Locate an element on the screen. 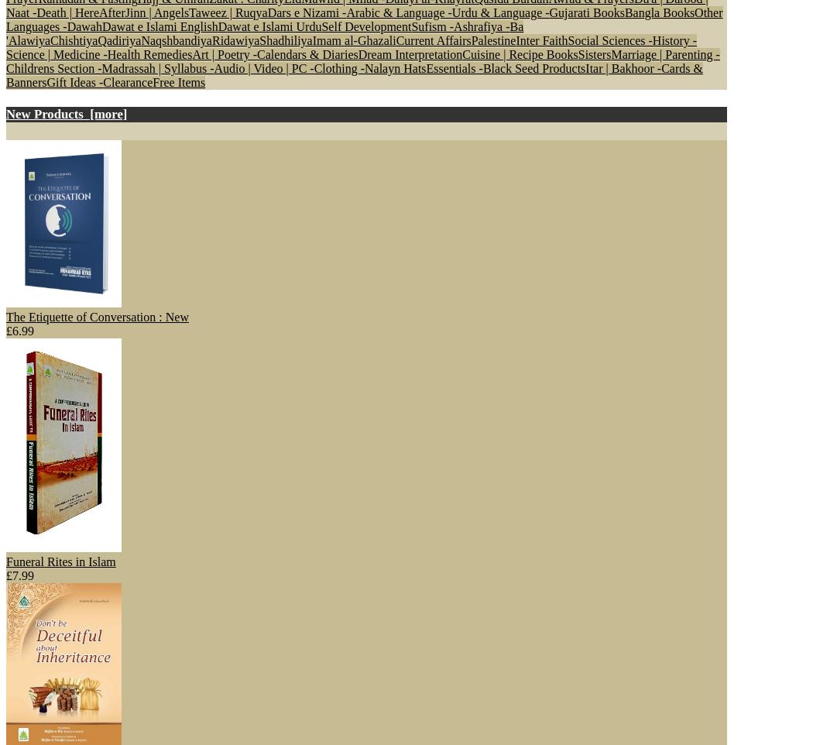 Image resolution: width=813 pixels, height=745 pixels. 'Cuisine | Recipe Books' is located at coordinates (519, 53).